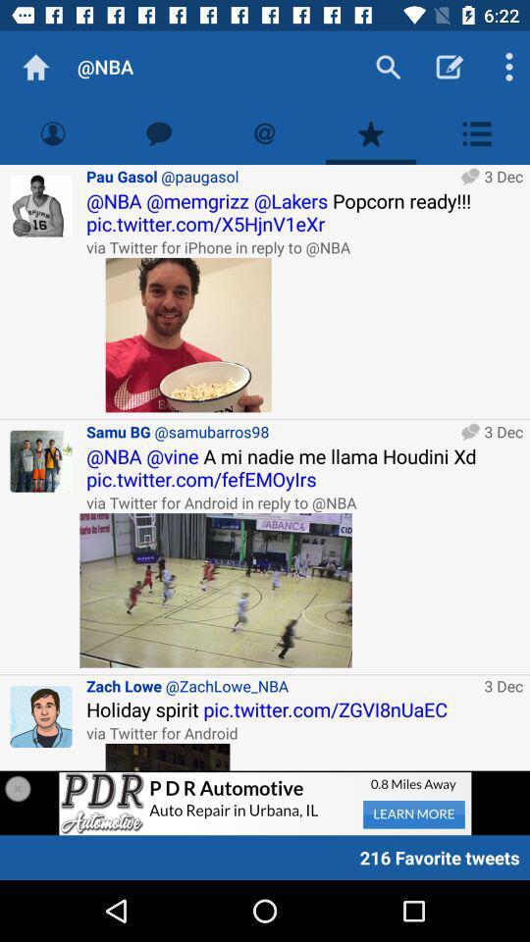 The width and height of the screenshot is (530, 942). Describe the element at coordinates (371, 132) in the screenshot. I see `to favorites` at that location.